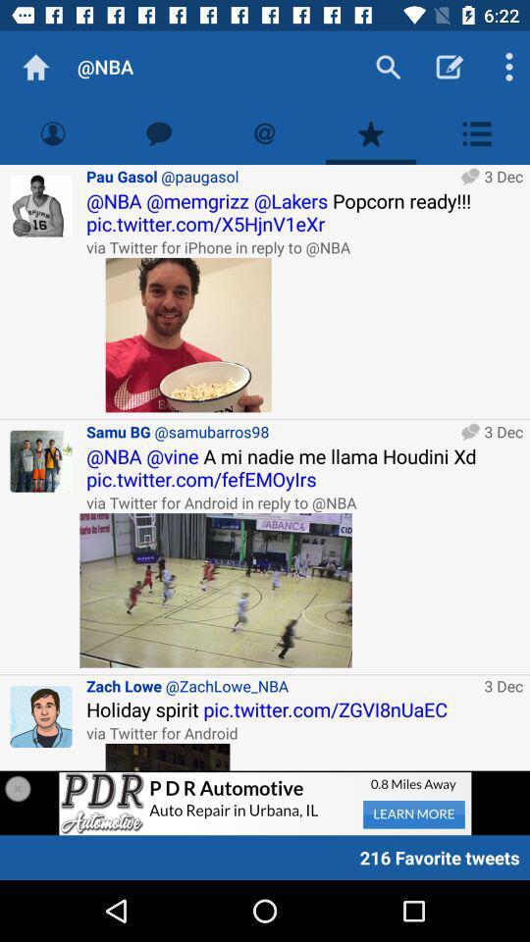 The width and height of the screenshot is (530, 942). Describe the element at coordinates (371, 132) in the screenshot. I see `to favorites` at that location.